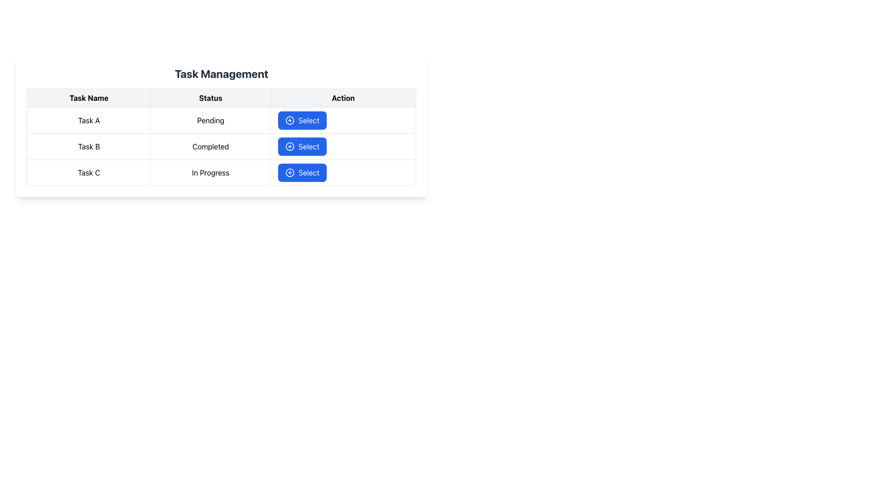 This screenshot has width=881, height=495. I want to click on the SVG Circle Element located in the first row of the table under the 'Action' column, positioned to the left of the 'Select' button, so click(290, 120).